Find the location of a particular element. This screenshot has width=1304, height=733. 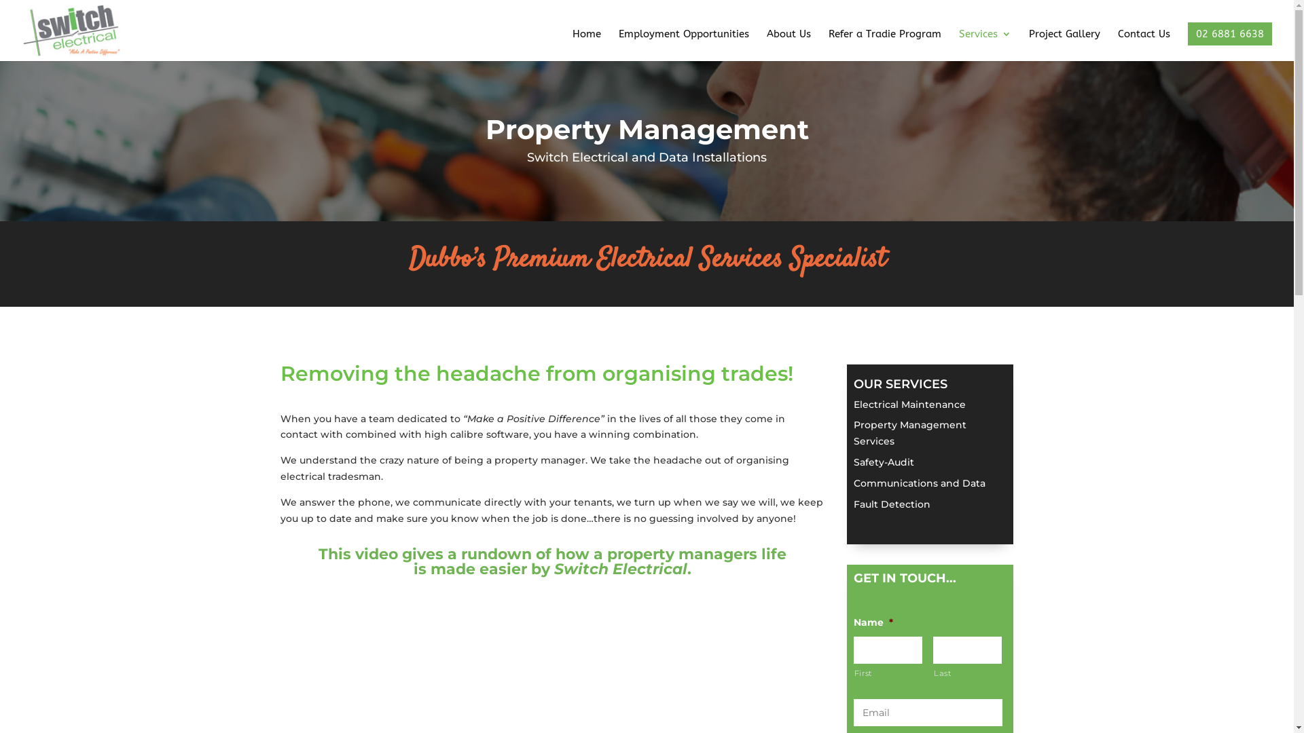

'02 6881 6638' is located at coordinates (1229, 33).